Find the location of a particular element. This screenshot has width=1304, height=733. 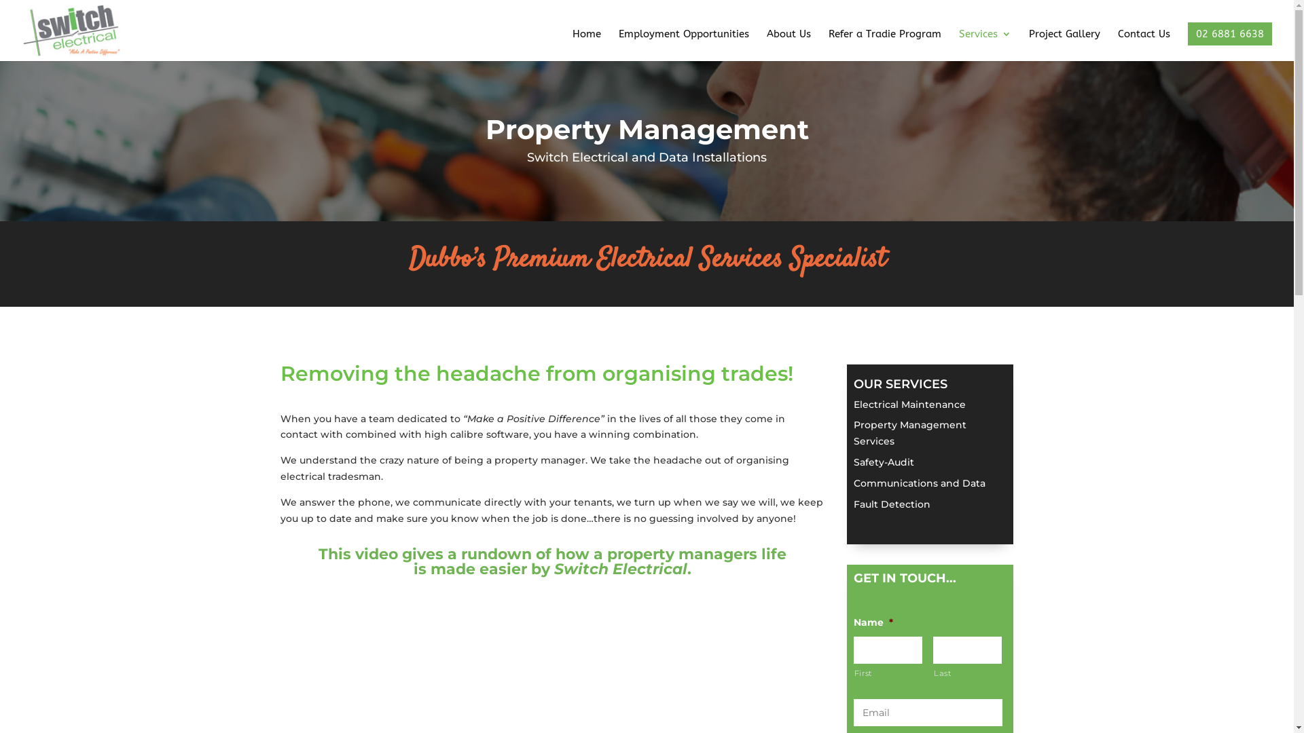

'02 6881 6638' is located at coordinates (1229, 33).